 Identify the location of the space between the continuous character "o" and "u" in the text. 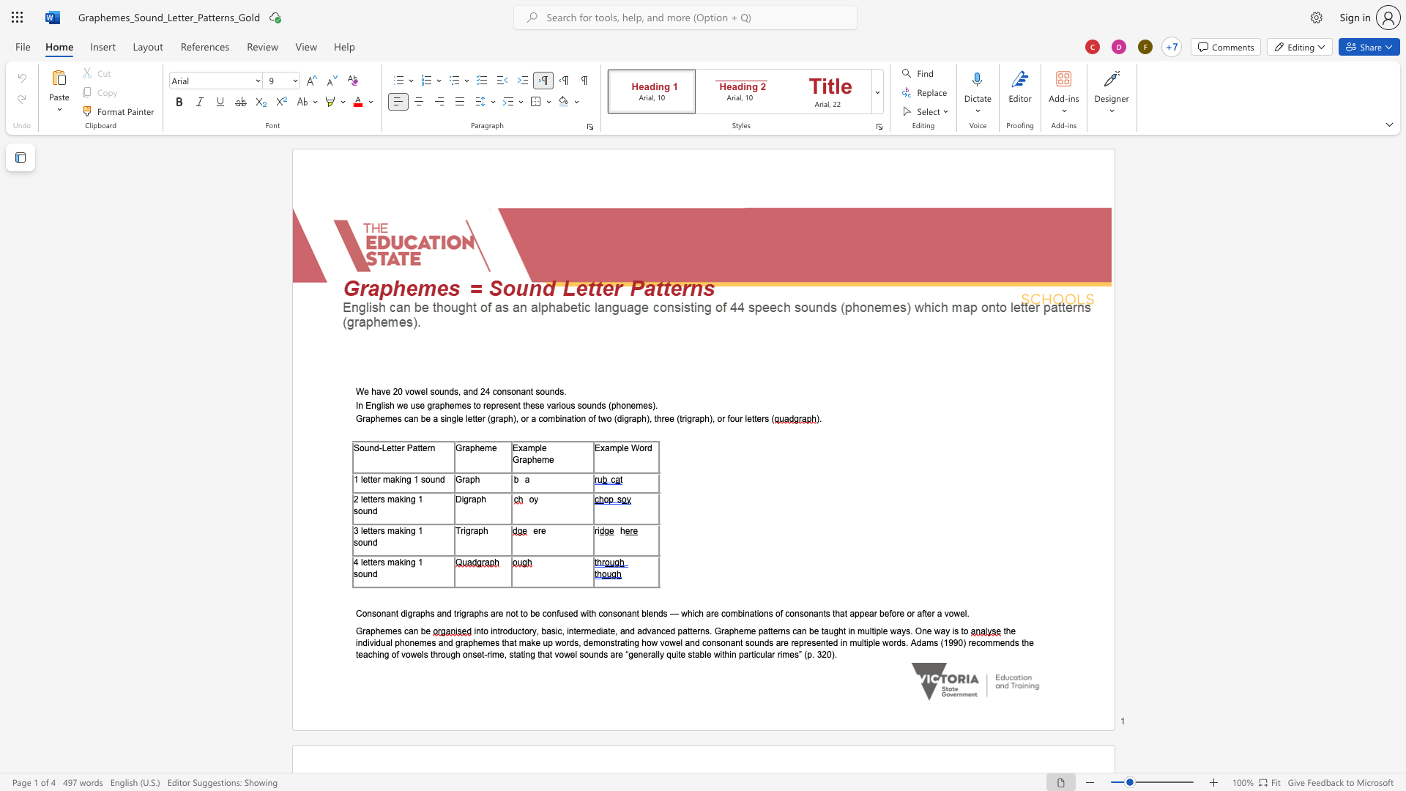
(364, 447).